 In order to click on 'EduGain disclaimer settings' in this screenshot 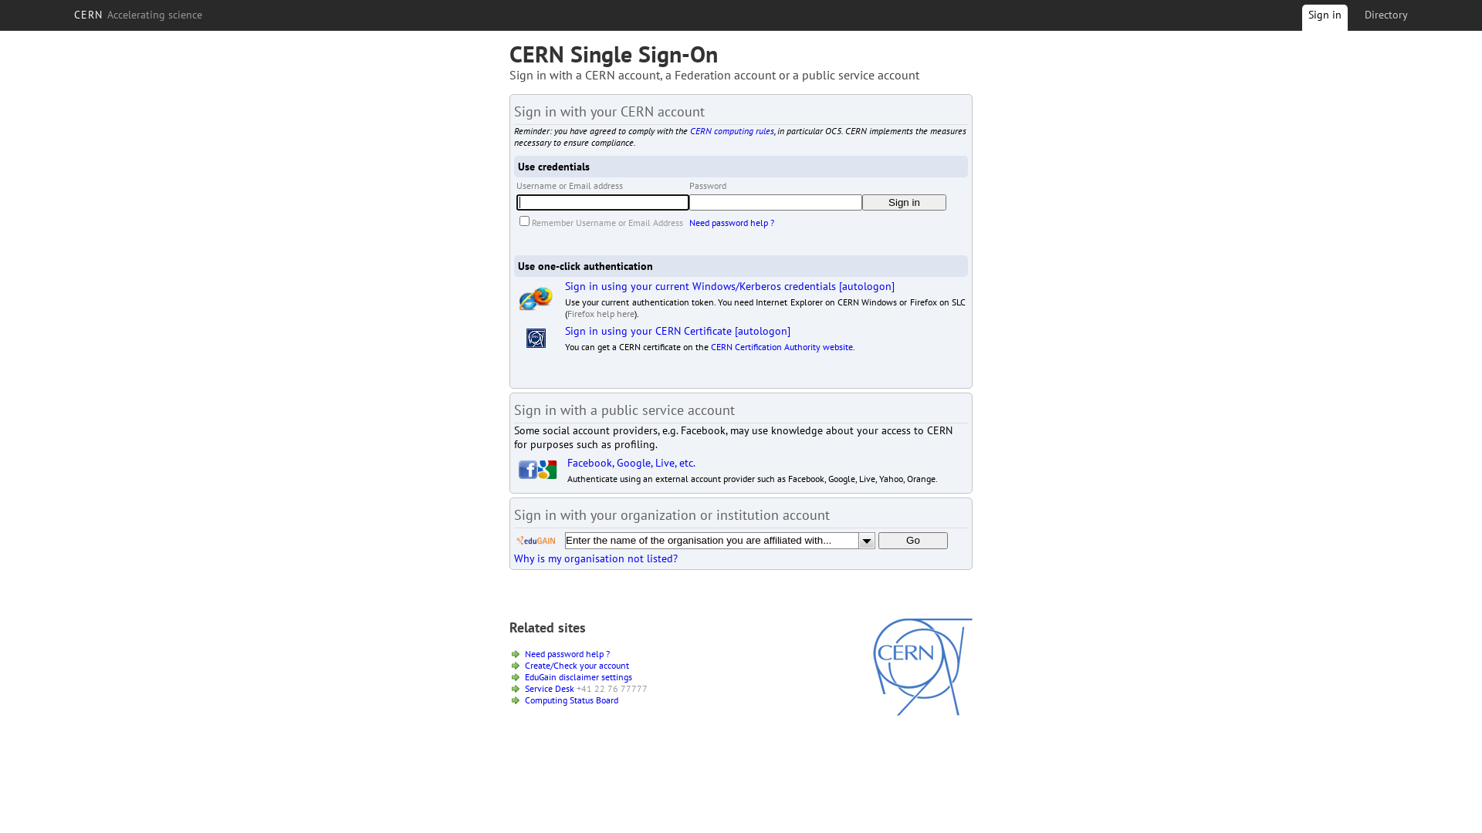, I will do `click(577, 676)`.